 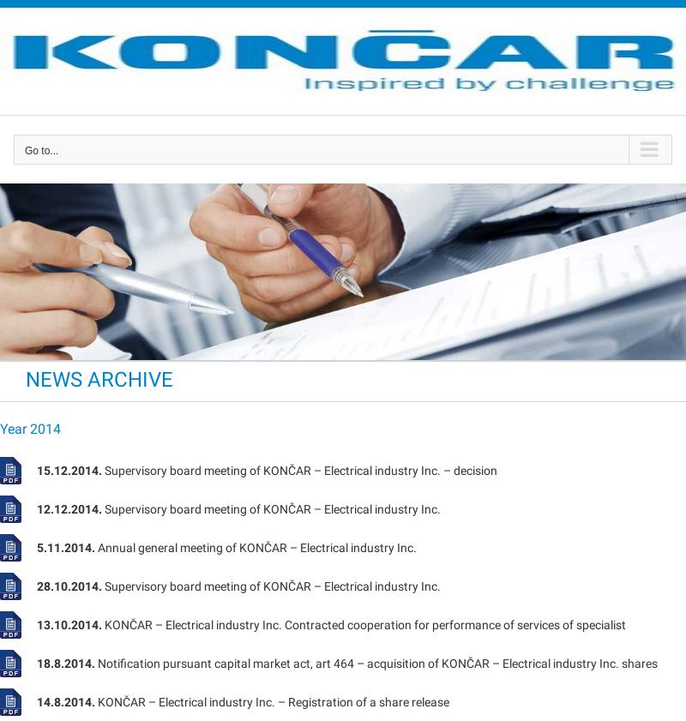 I want to click on 'Go to...', so click(x=40, y=150).